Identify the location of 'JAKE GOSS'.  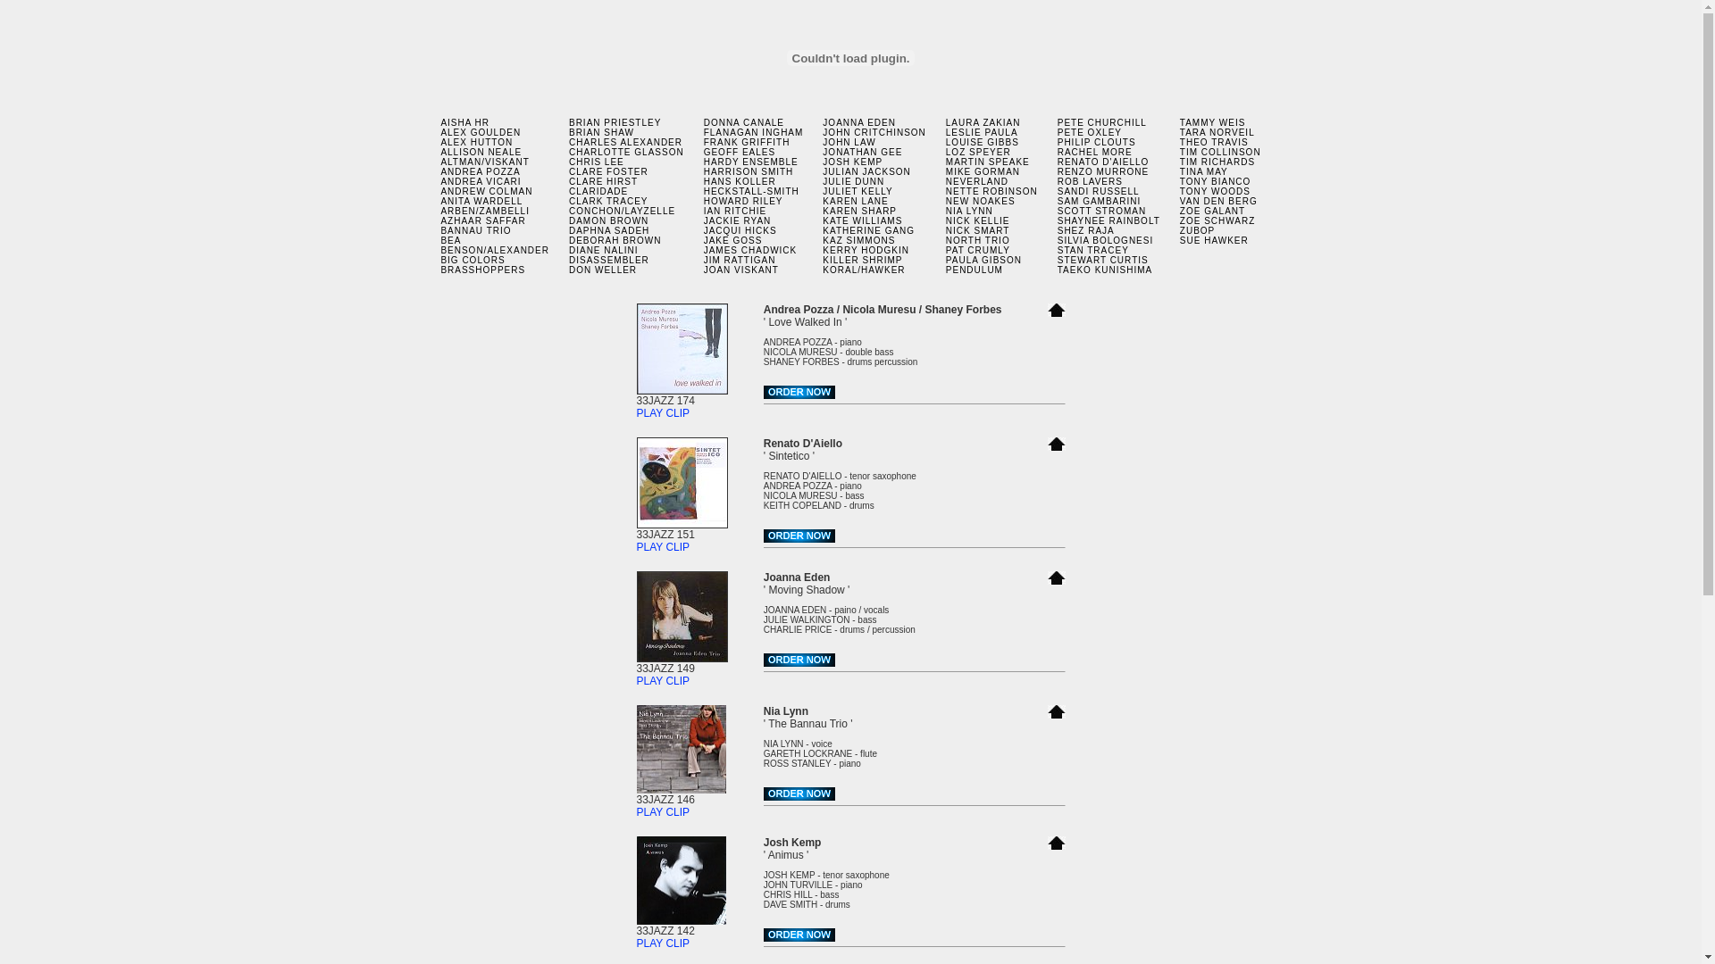
(702, 239).